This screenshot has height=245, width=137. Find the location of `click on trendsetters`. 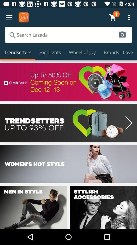

click on trendsetters is located at coordinates (68, 123).